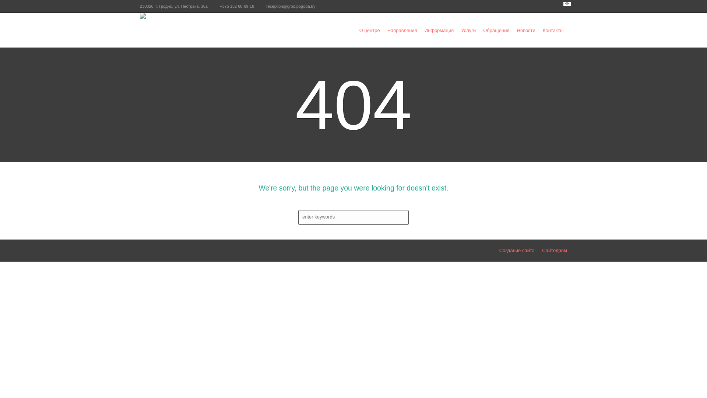  Describe the element at coordinates (237, 6) in the screenshot. I see `'+375 152 68-69-18'` at that location.